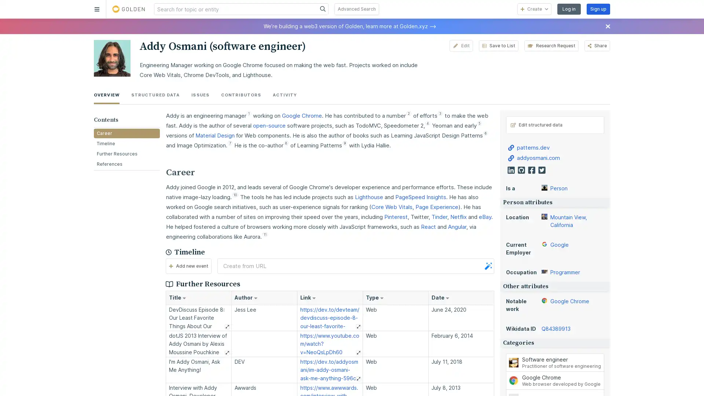 The height and width of the screenshot is (396, 704). What do you see at coordinates (534, 9) in the screenshot?
I see `Create` at bounding box center [534, 9].